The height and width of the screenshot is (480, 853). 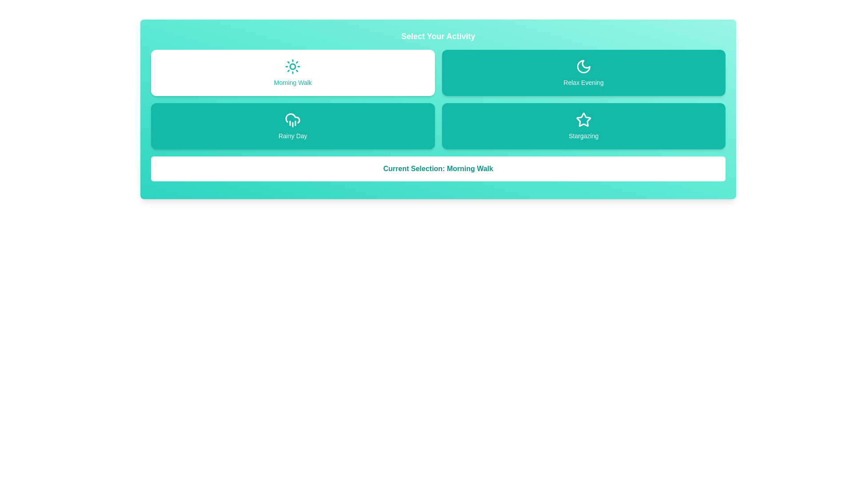 What do you see at coordinates (293, 72) in the screenshot?
I see `the activity Morning Walk by clicking on its button` at bounding box center [293, 72].